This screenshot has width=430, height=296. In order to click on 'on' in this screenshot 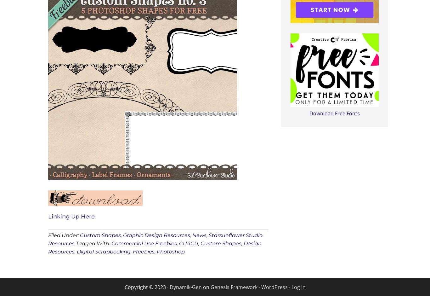, I will do `click(206, 286)`.